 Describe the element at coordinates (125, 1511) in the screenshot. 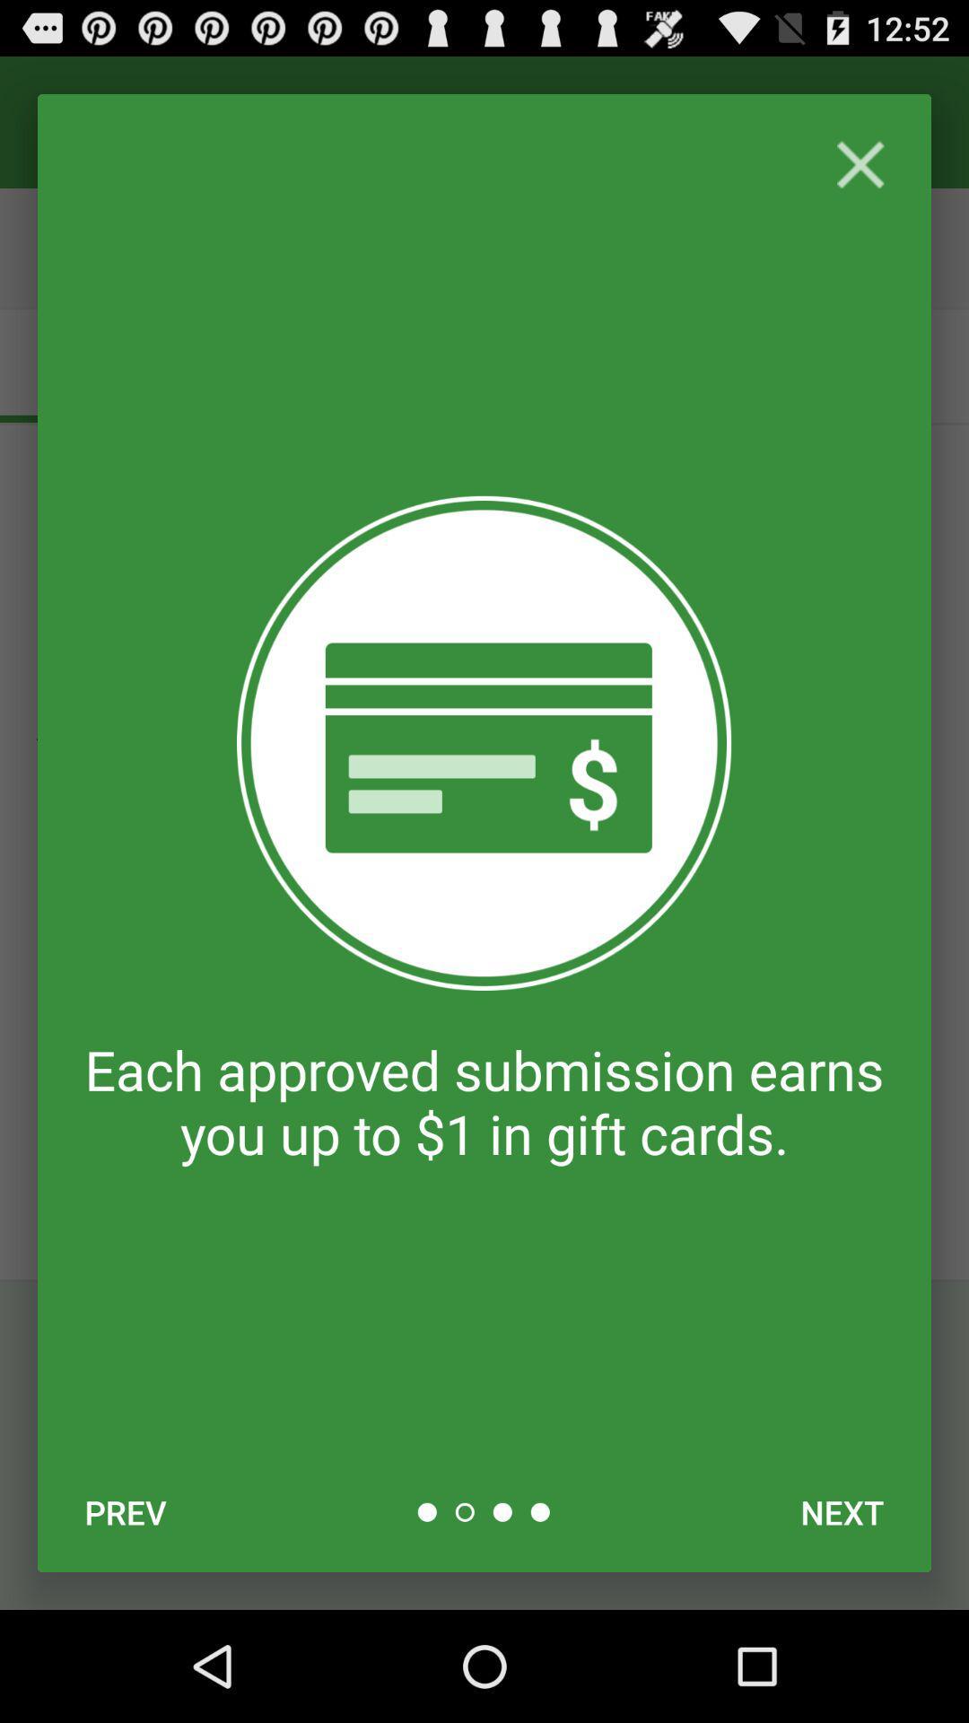

I see `the item at the bottom left corner` at that location.